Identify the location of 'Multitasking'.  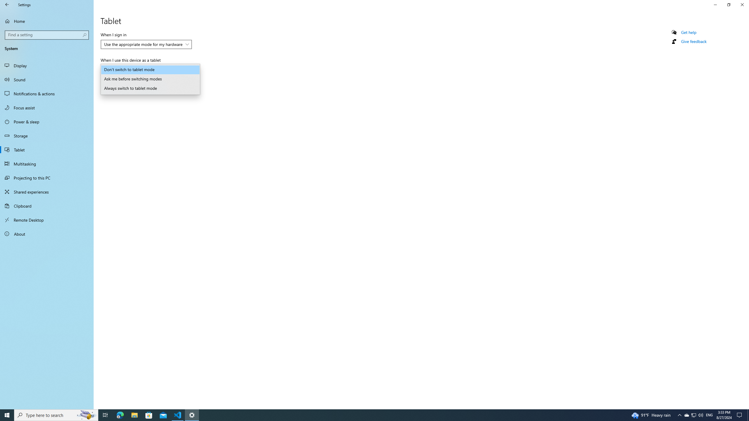
(47, 163).